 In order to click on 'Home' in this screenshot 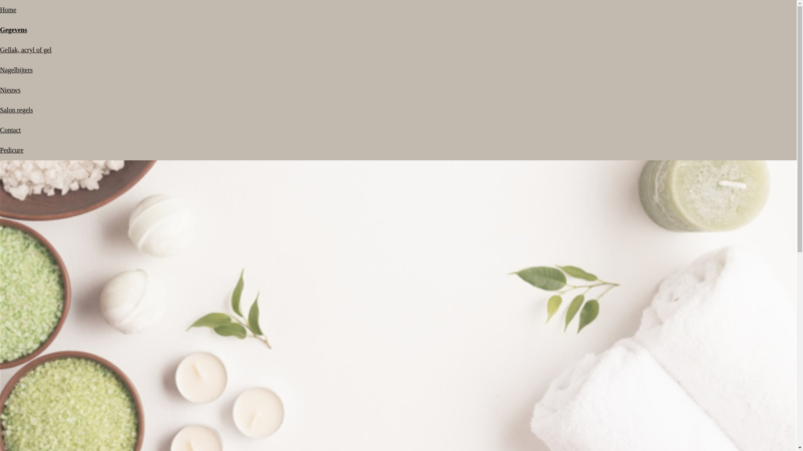, I will do `click(0, 10)`.